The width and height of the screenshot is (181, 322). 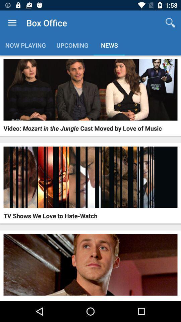 I want to click on the item above now playing icon, so click(x=12, y=23).